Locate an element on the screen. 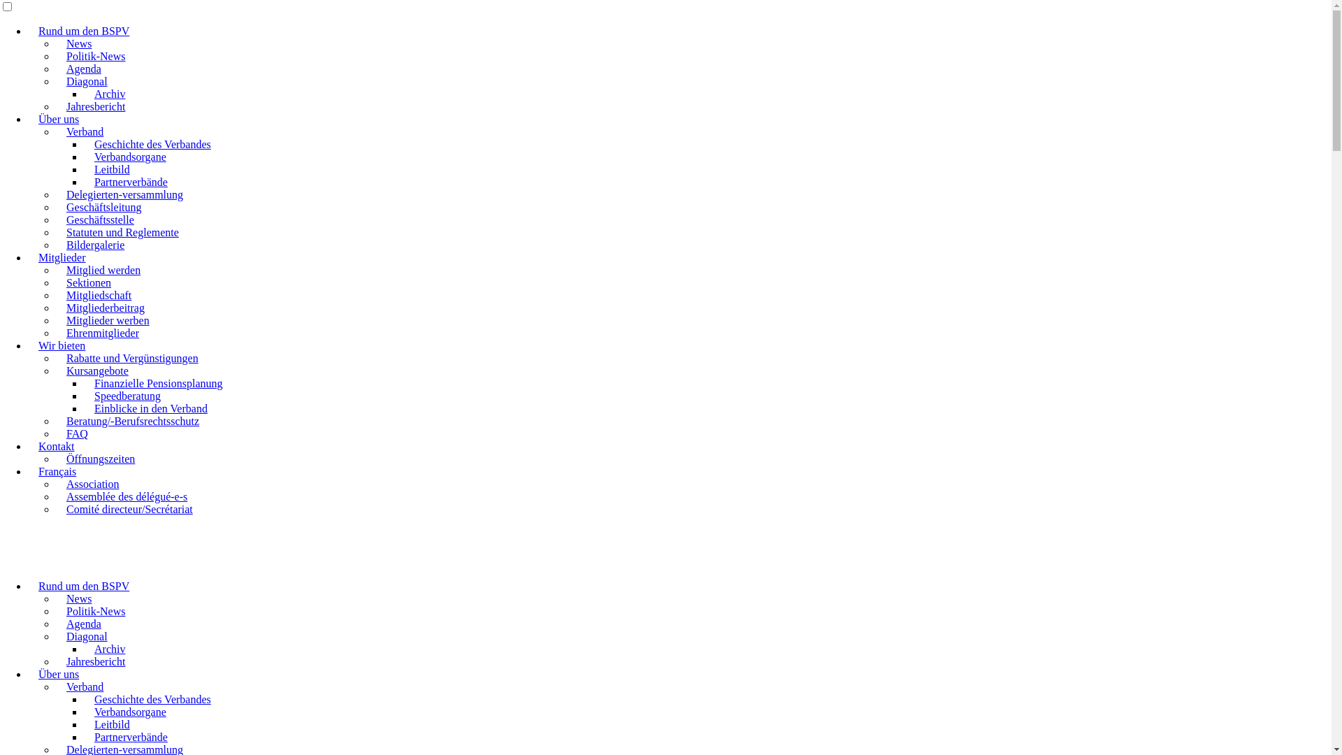 The width and height of the screenshot is (1342, 755). 'Association' is located at coordinates (56, 483).